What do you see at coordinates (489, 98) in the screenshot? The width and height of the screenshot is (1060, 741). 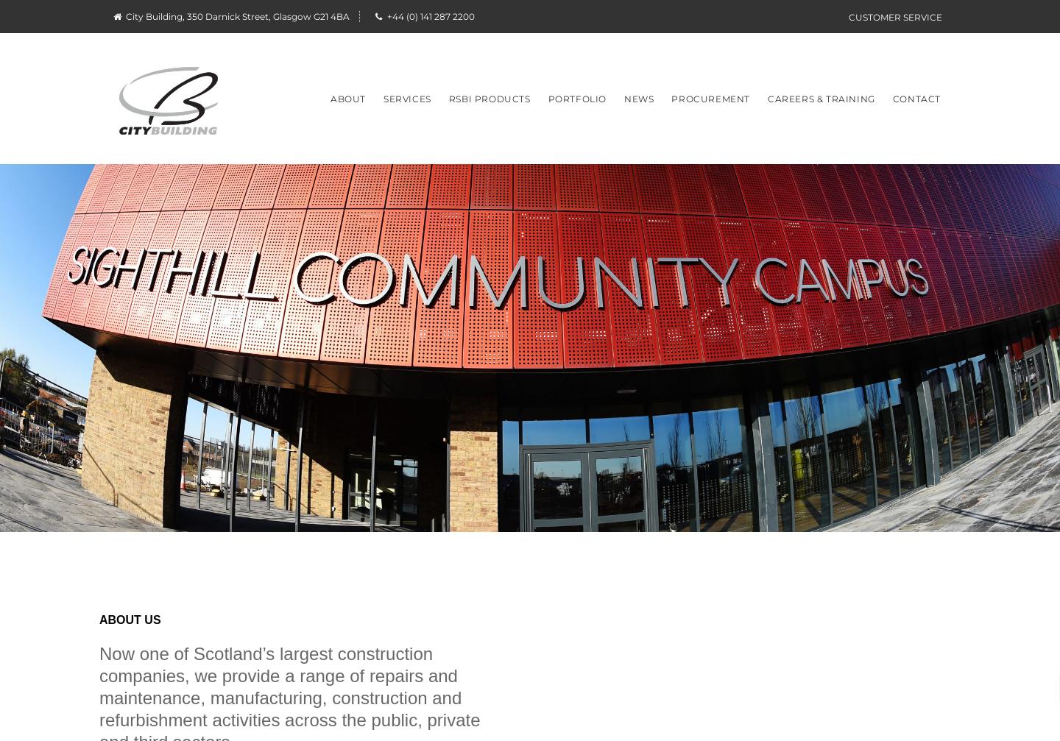 I see `'RSBi Products'` at bounding box center [489, 98].